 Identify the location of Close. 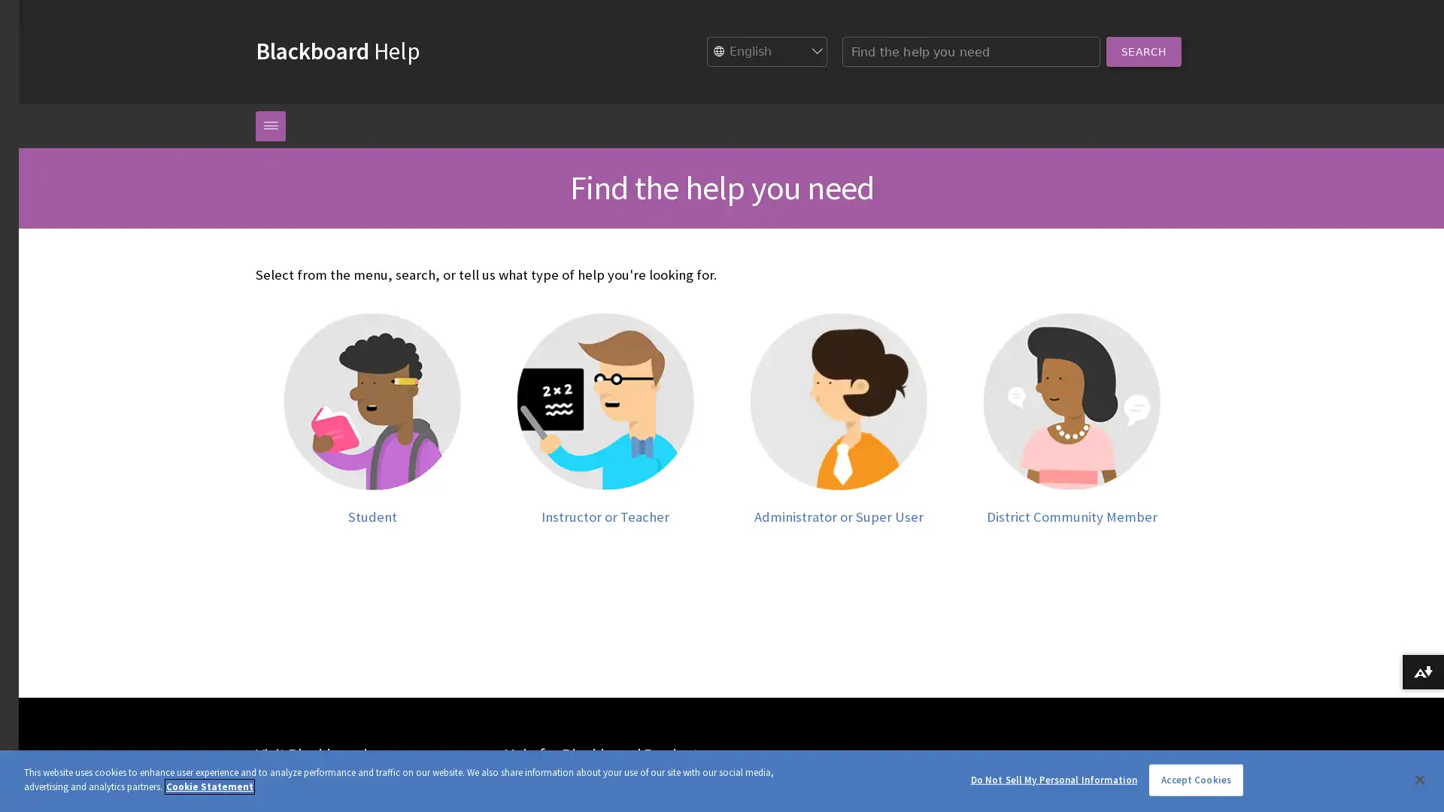
(1418, 778).